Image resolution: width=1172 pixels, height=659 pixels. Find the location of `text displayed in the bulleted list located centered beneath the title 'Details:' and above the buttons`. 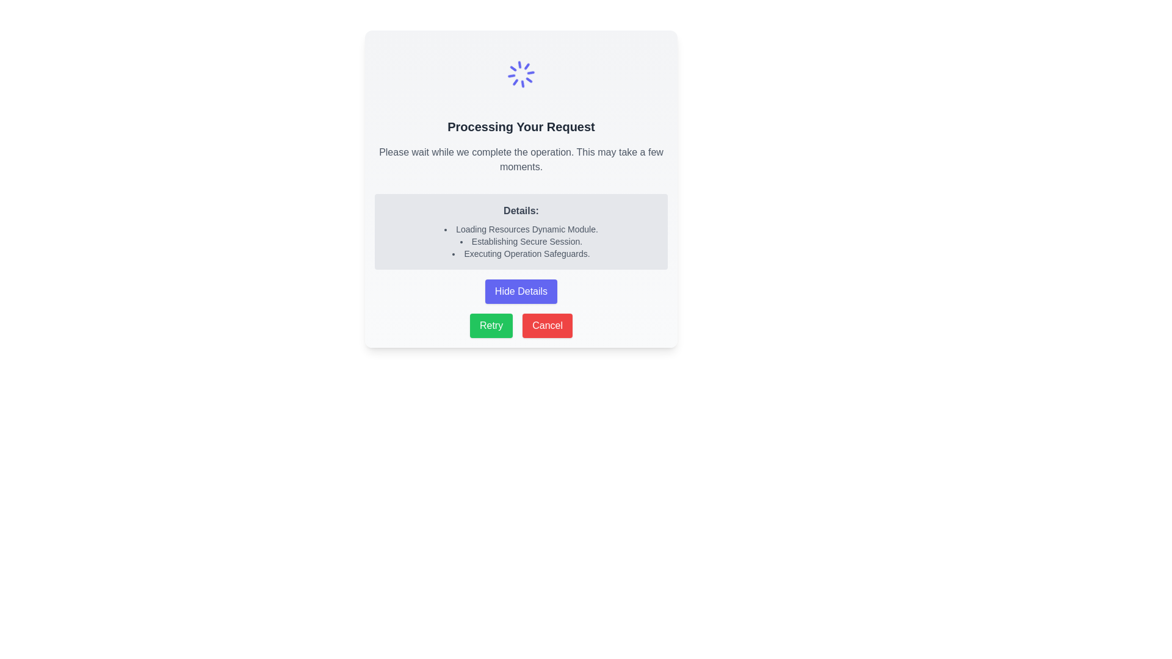

text displayed in the bulleted list located centered beneath the title 'Details:' and above the buttons is located at coordinates (521, 242).